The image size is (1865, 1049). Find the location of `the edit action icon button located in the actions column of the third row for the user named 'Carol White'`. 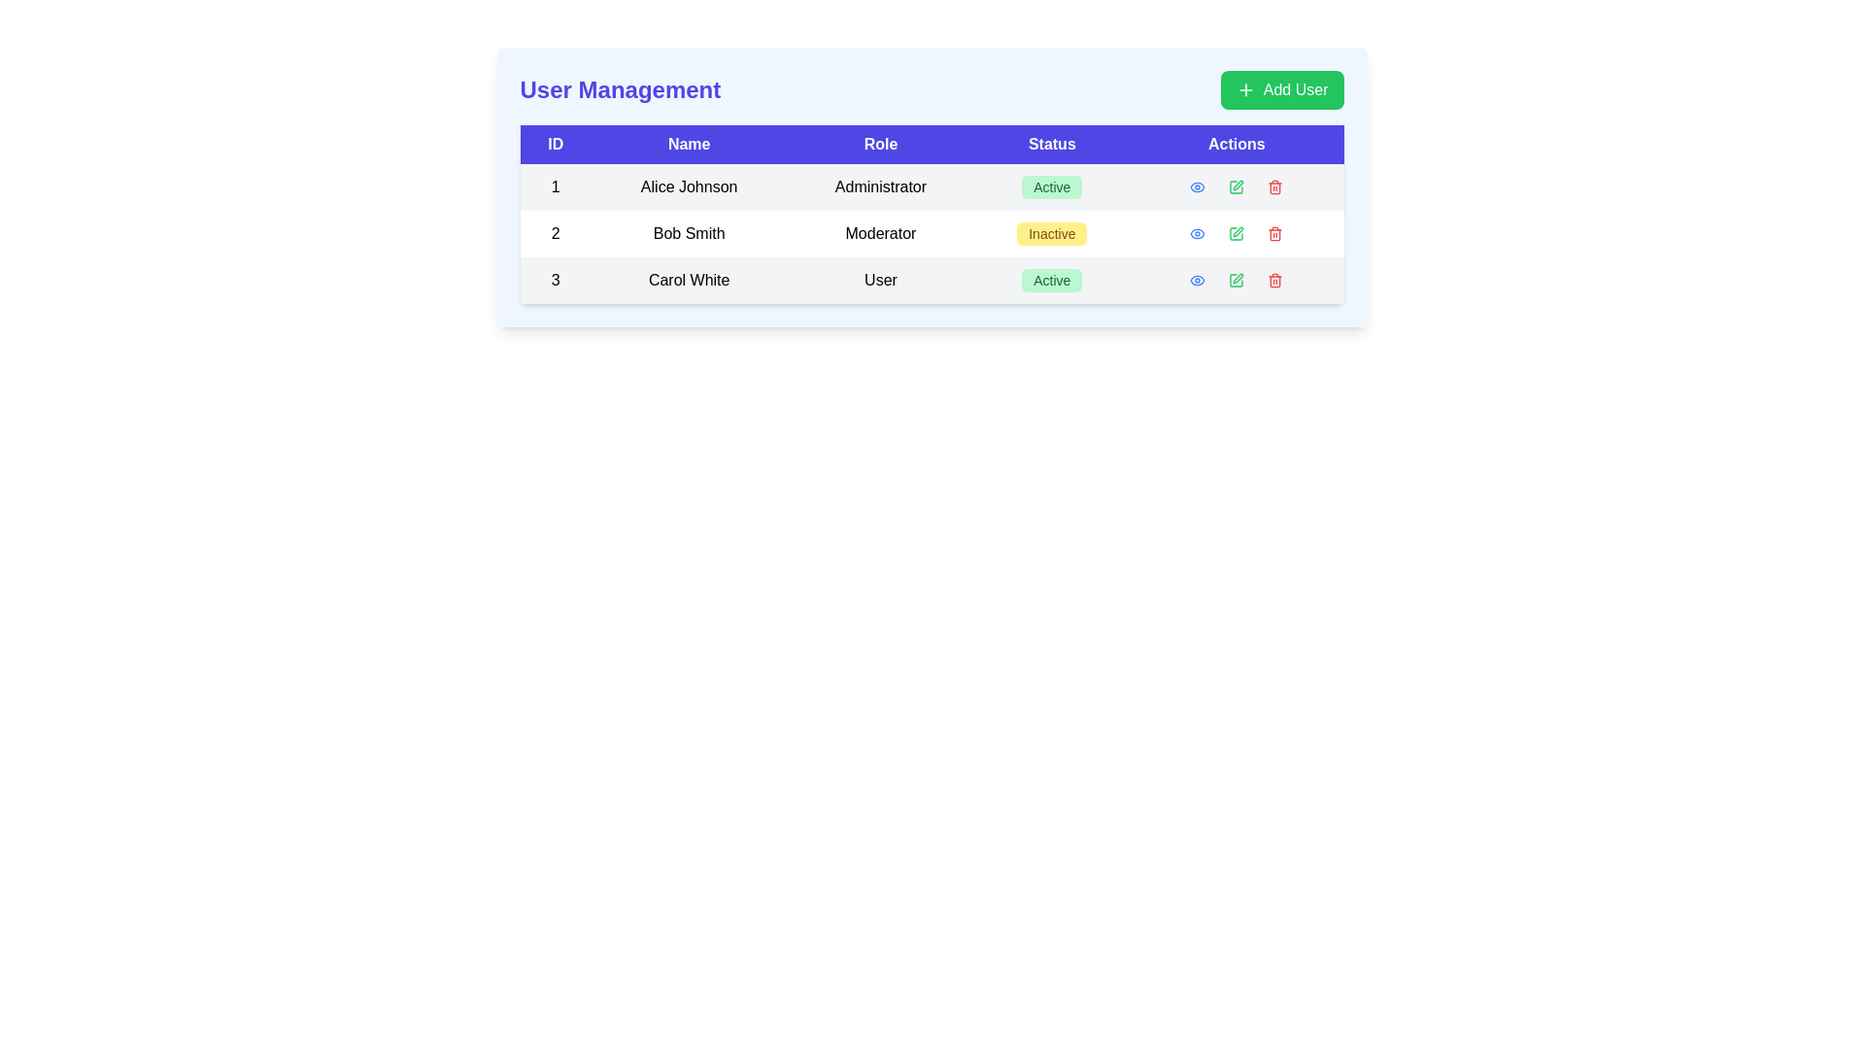

the edit action icon button located in the actions column of the third row for the user named 'Carol White' is located at coordinates (1236, 281).